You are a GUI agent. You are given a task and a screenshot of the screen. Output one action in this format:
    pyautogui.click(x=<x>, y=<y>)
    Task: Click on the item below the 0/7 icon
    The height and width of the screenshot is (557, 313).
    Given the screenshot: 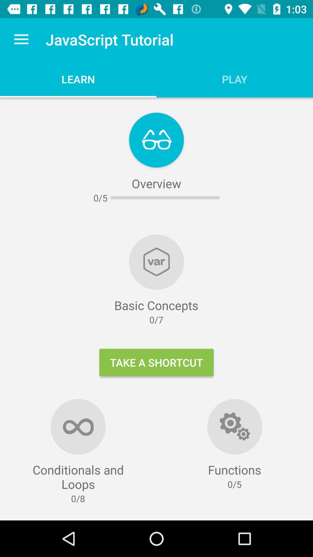 What is the action you would take?
    pyautogui.click(x=156, y=362)
    